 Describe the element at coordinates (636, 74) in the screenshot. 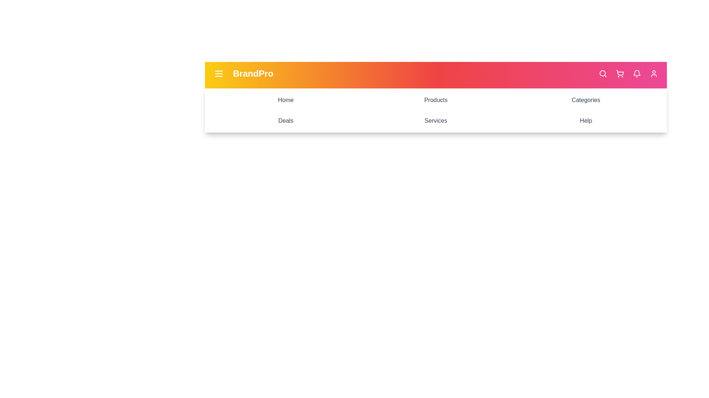

I see `the bell icon in the app bar` at that location.